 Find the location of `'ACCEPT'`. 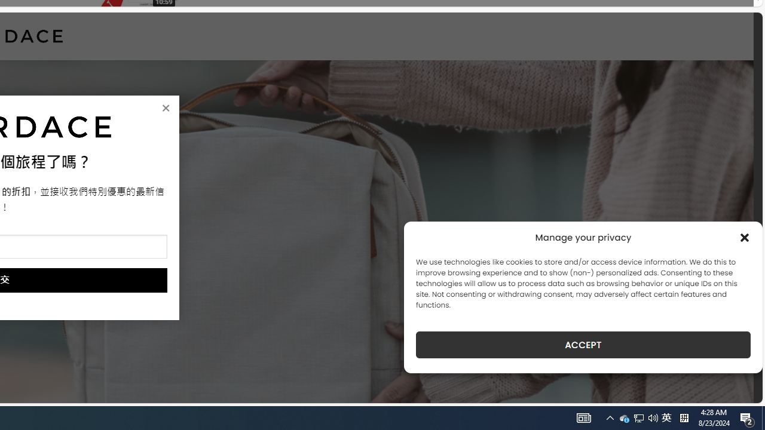

'ACCEPT' is located at coordinates (583, 345).